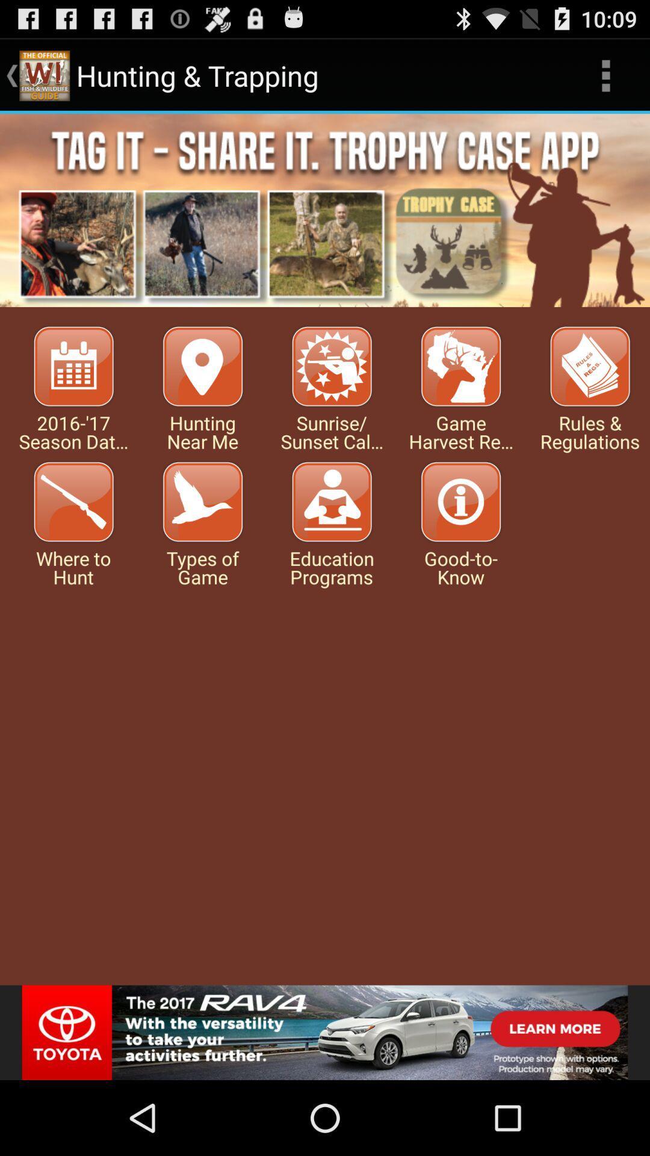  I want to click on sponsored advertisement, so click(325, 1032).